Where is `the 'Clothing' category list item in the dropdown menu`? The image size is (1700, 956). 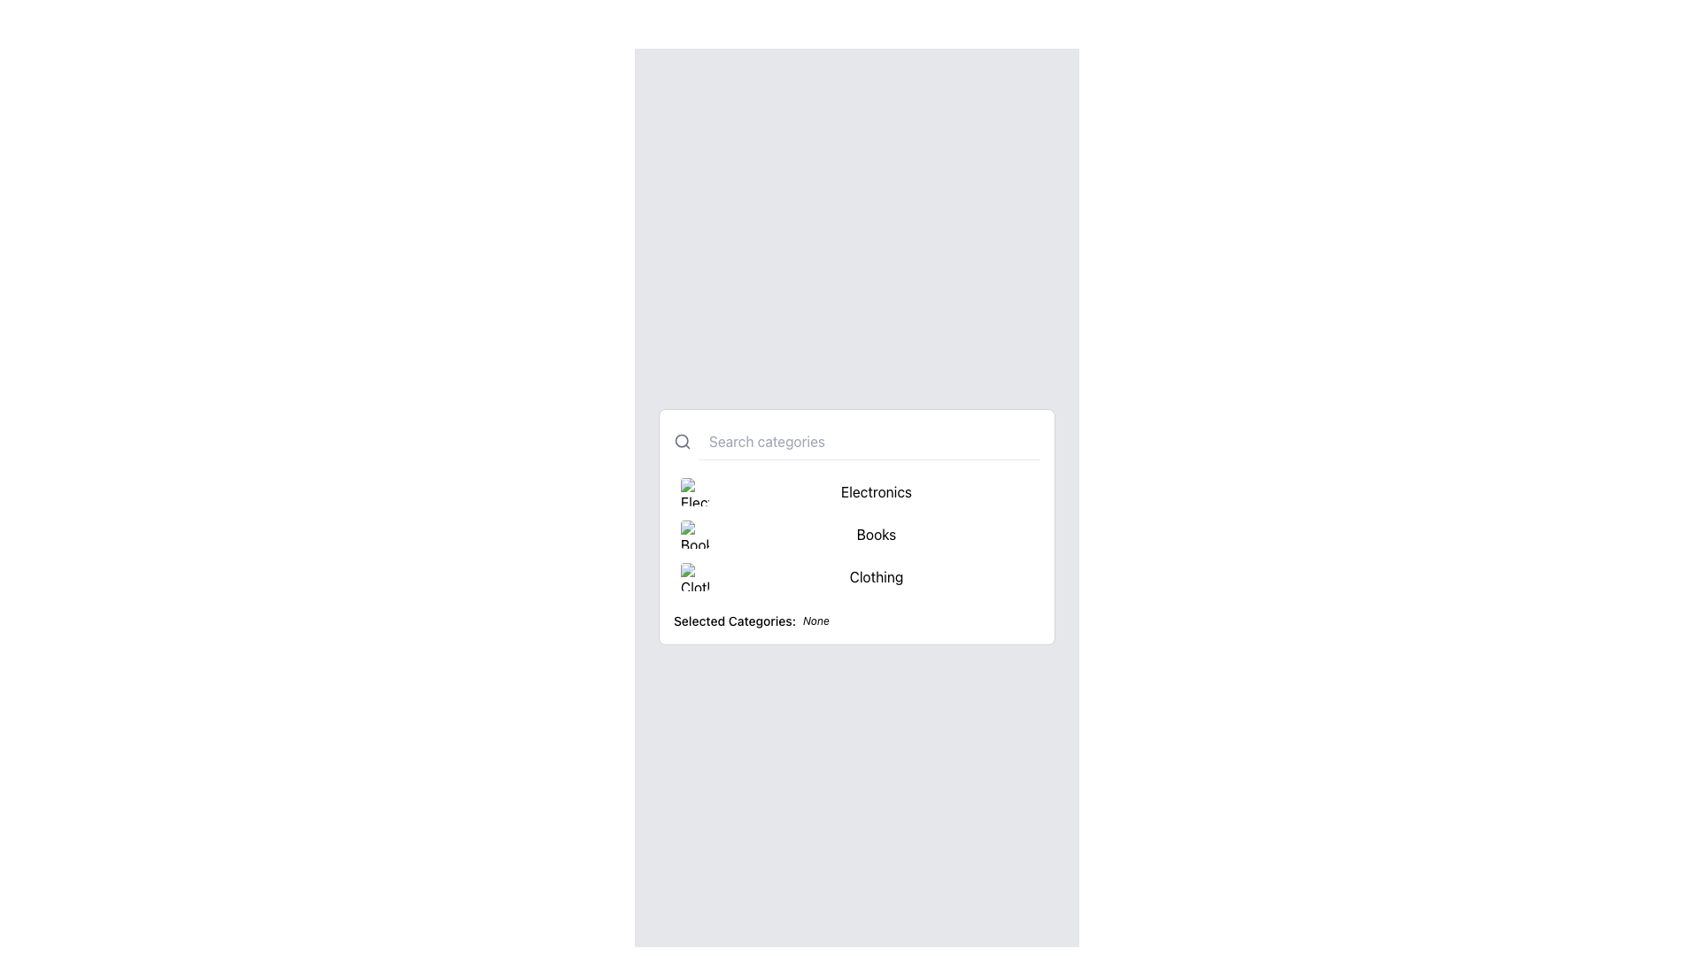 the 'Clothing' category list item in the dropdown menu is located at coordinates (857, 576).